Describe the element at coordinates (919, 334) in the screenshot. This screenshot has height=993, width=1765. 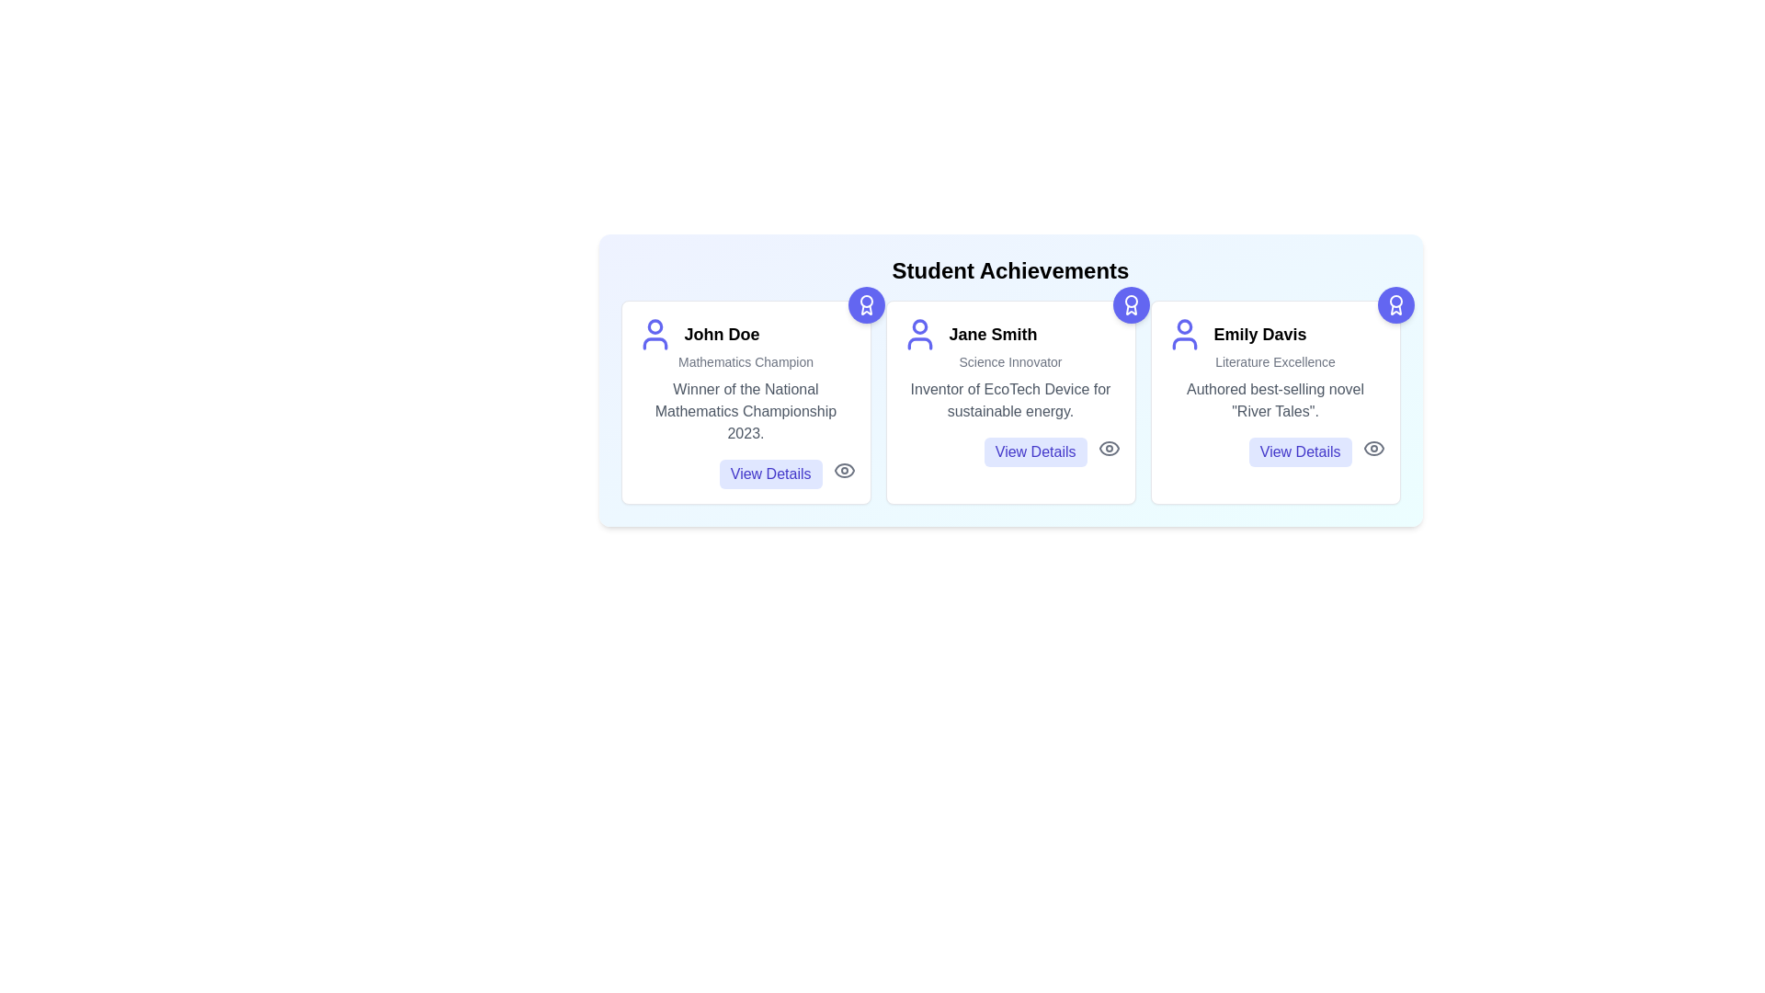
I see `the user icon for Jane Smith` at that location.